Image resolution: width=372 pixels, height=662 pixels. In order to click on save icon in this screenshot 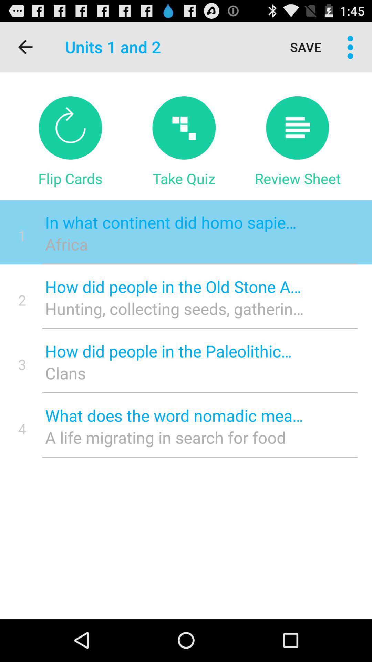, I will do `click(305, 47)`.